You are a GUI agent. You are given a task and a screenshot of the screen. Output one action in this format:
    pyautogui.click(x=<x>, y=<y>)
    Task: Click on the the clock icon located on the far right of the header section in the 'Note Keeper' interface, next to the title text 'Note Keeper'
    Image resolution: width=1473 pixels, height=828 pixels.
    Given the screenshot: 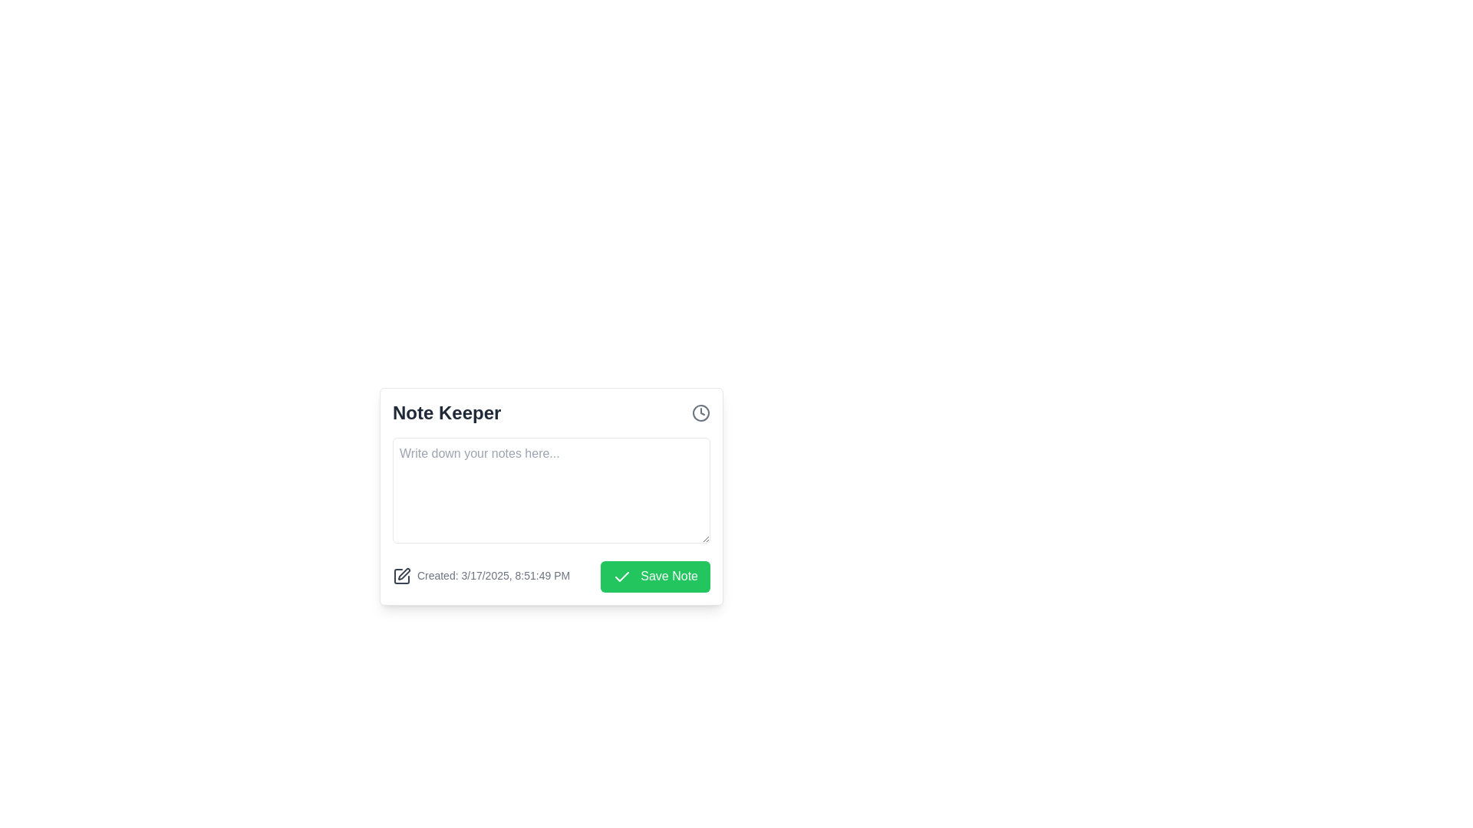 What is the action you would take?
    pyautogui.click(x=700, y=412)
    